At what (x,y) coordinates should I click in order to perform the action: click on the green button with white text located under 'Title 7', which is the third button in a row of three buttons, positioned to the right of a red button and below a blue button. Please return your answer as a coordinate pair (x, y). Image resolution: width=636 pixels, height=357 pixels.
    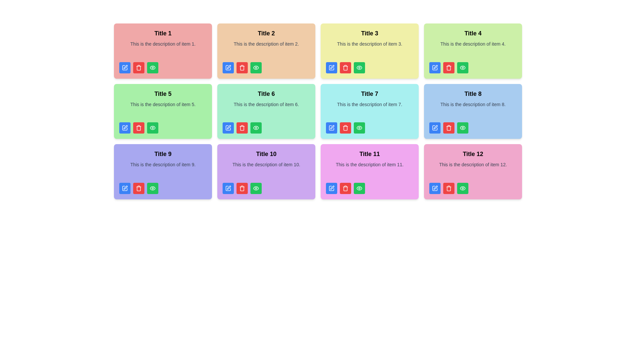
    Looking at the image, I should click on (359, 128).